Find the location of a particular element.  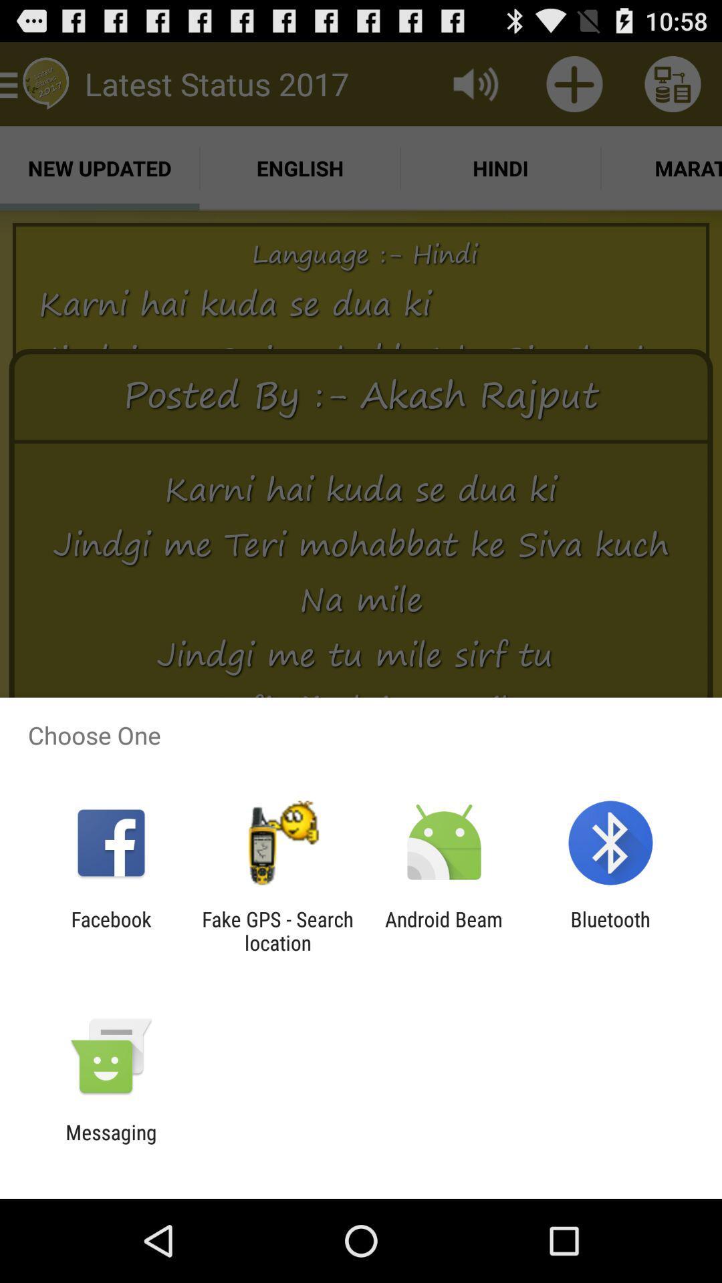

app next to bluetooth item is located at coordinates (444, 930).